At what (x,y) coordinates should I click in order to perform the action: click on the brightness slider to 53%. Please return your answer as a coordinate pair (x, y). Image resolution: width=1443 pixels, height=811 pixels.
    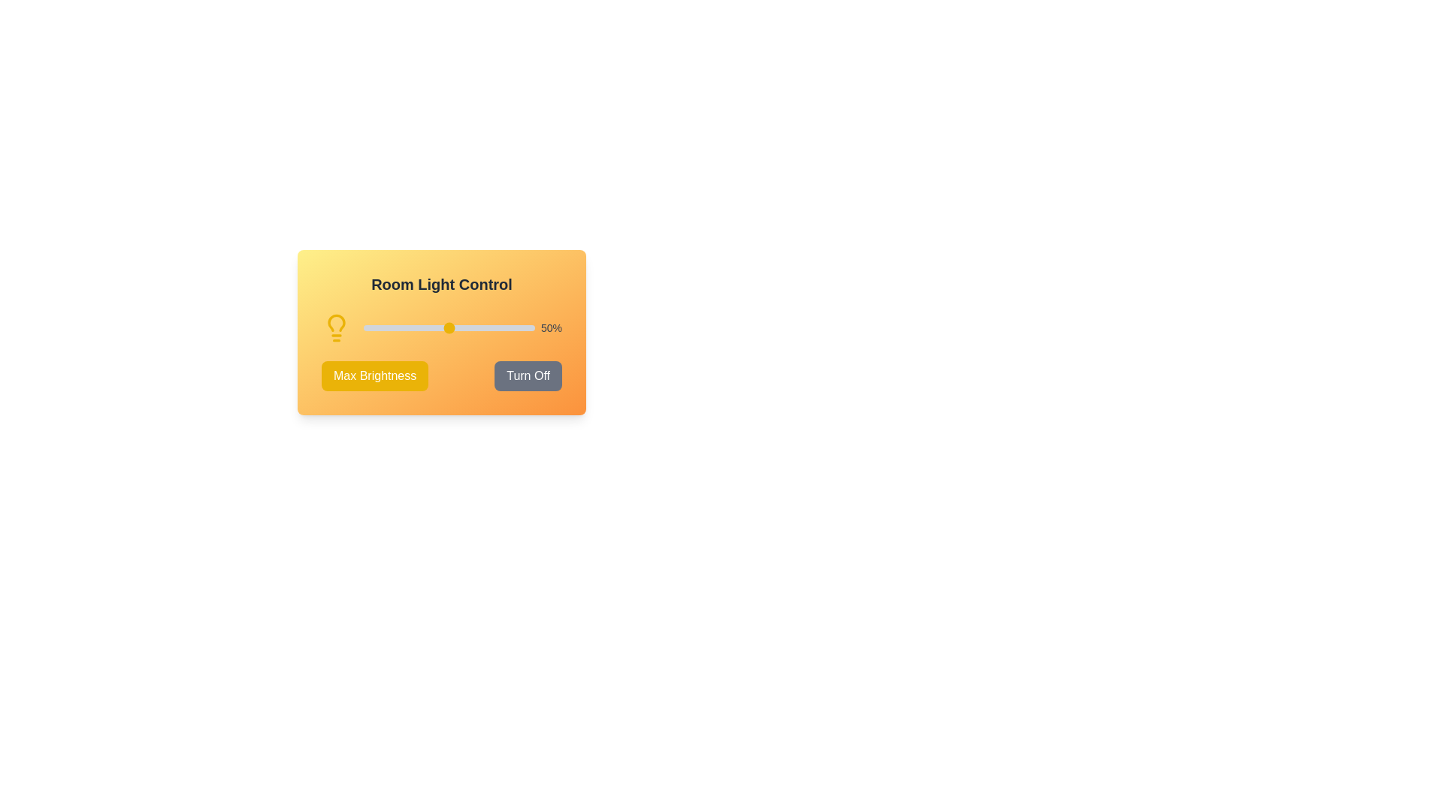
    Looking at the image, I should click on (453, 327).